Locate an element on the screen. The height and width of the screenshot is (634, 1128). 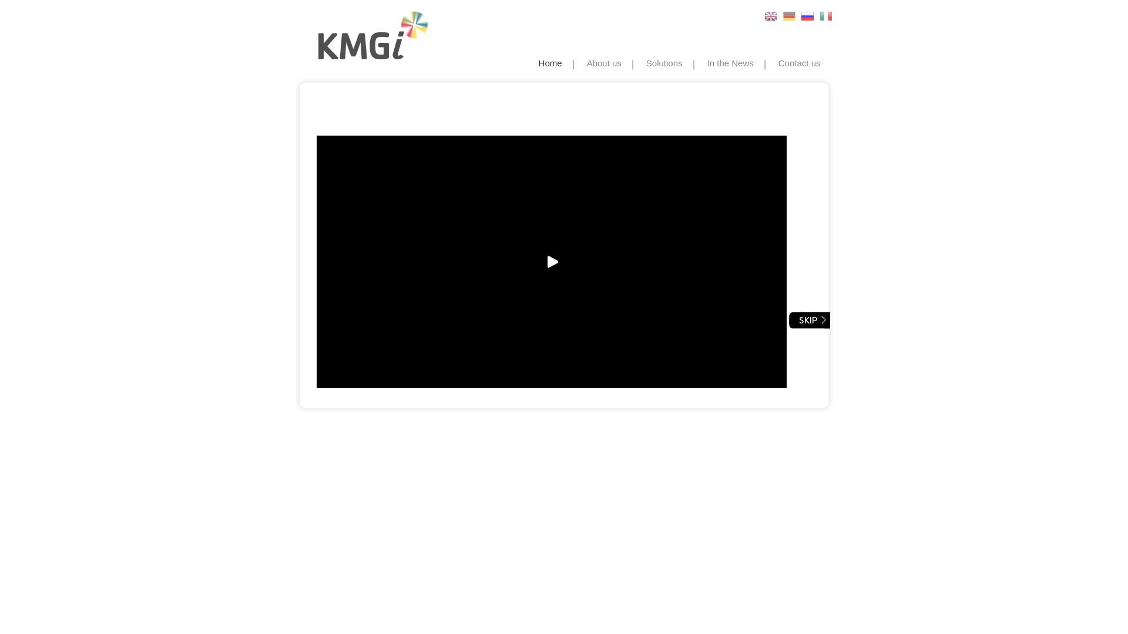
'German' is located at coordinates (789, 16).